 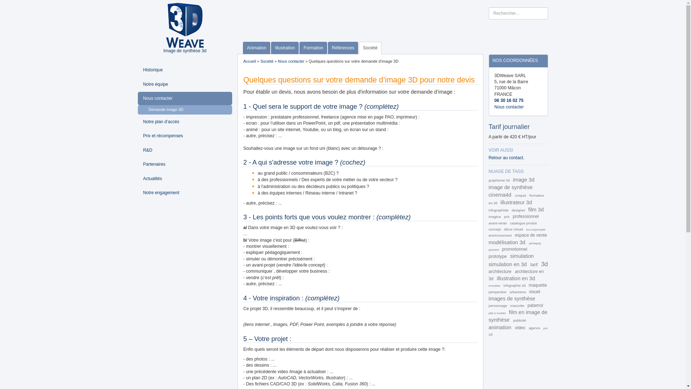 What do you see at coordinates (185, 24) in the screenshot?
I see `'3d Weave'` at bounding box center [185, 24].